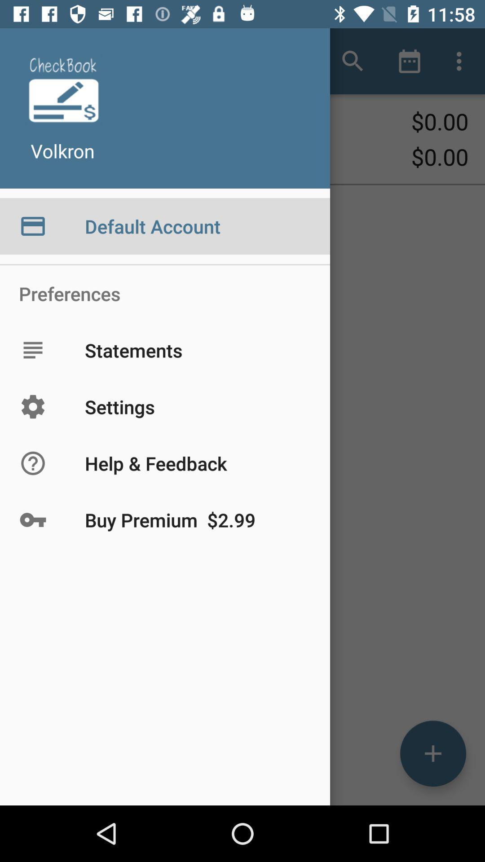  Describe the element at coordinates (432, 753) in the screenshot. I see `the add icon` at that location.